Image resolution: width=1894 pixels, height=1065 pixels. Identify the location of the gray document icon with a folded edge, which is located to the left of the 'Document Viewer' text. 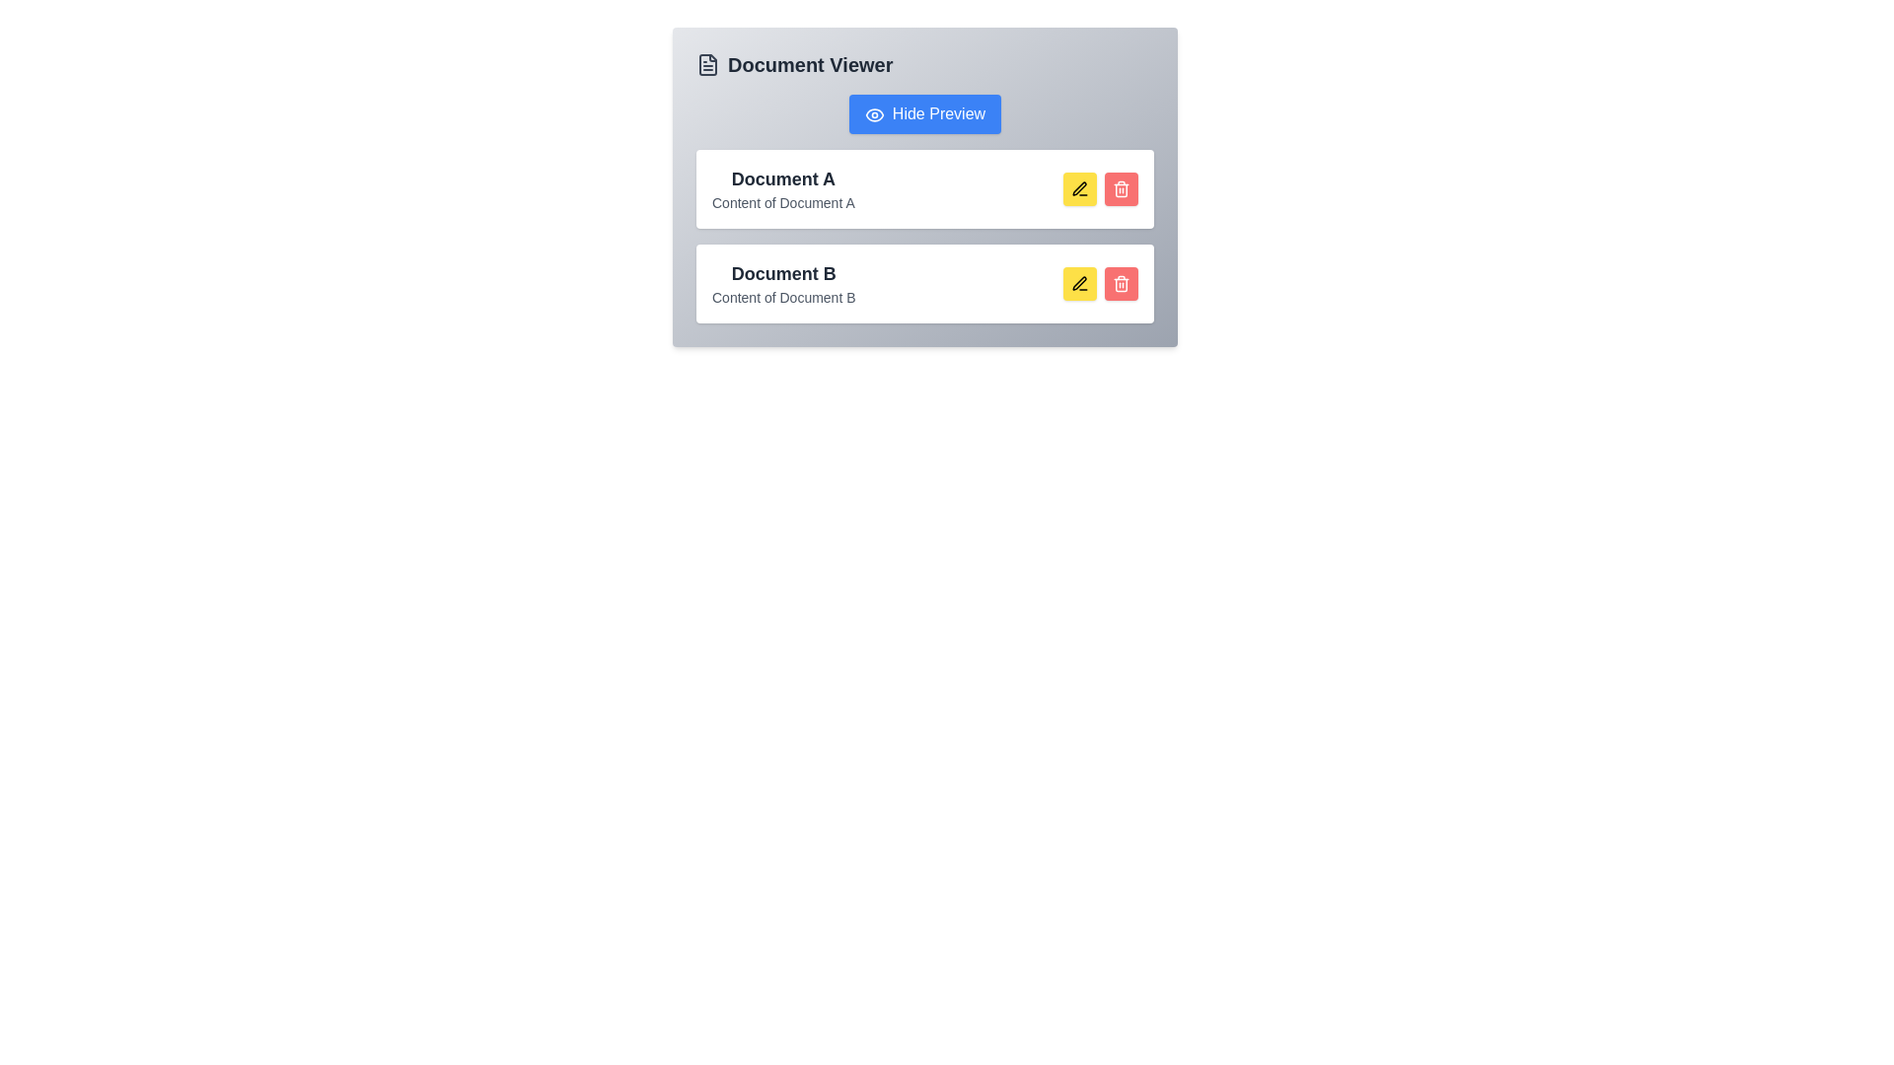
(708, 63).